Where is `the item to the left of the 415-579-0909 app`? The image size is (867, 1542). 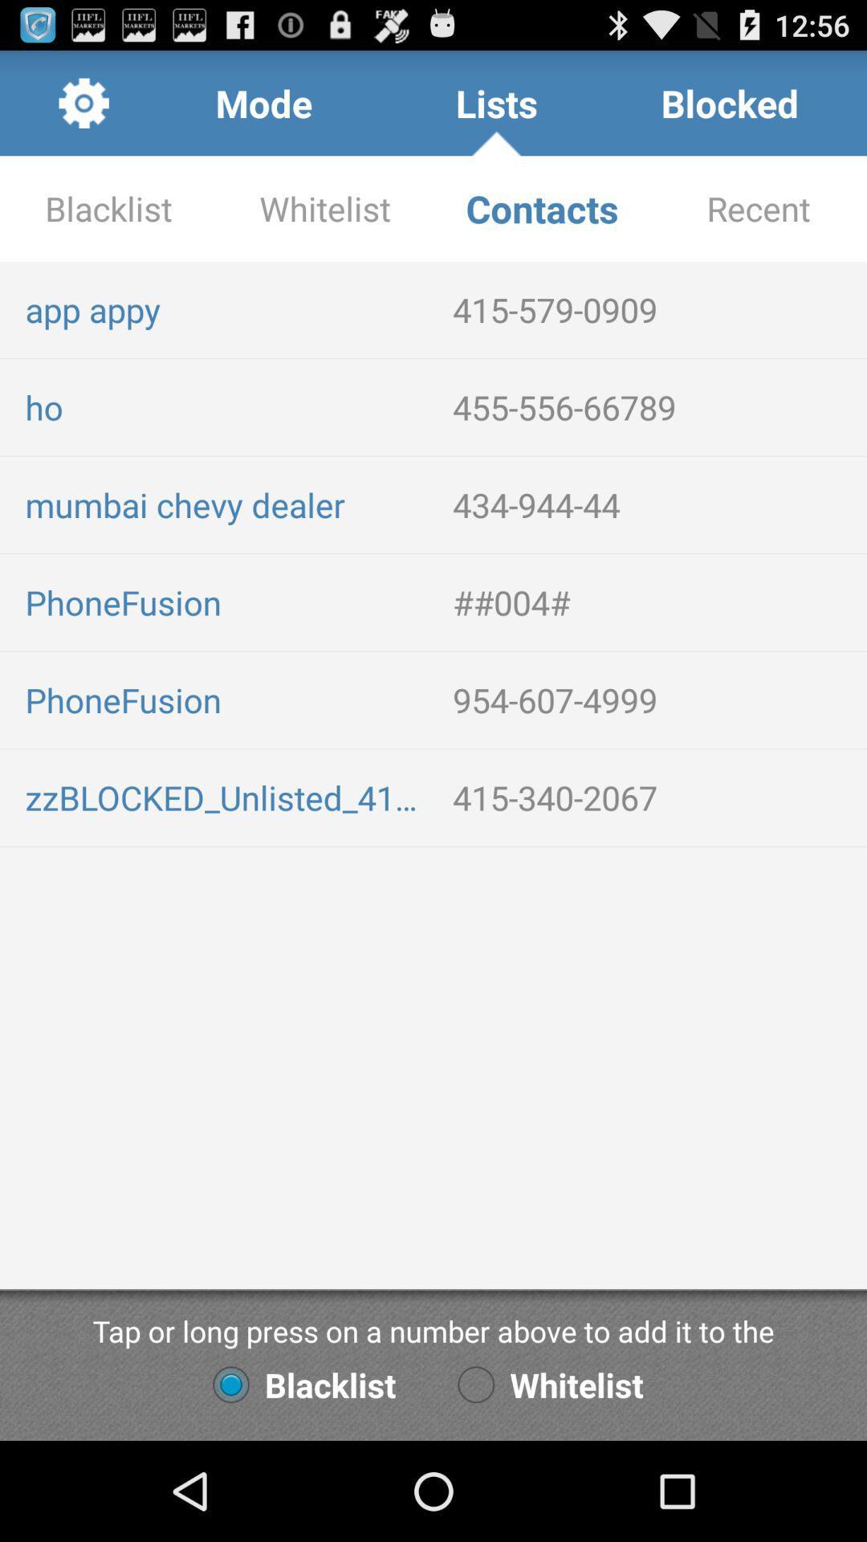 the item to the left of the 415-579-0909 app is located at coordinates (226, 309).